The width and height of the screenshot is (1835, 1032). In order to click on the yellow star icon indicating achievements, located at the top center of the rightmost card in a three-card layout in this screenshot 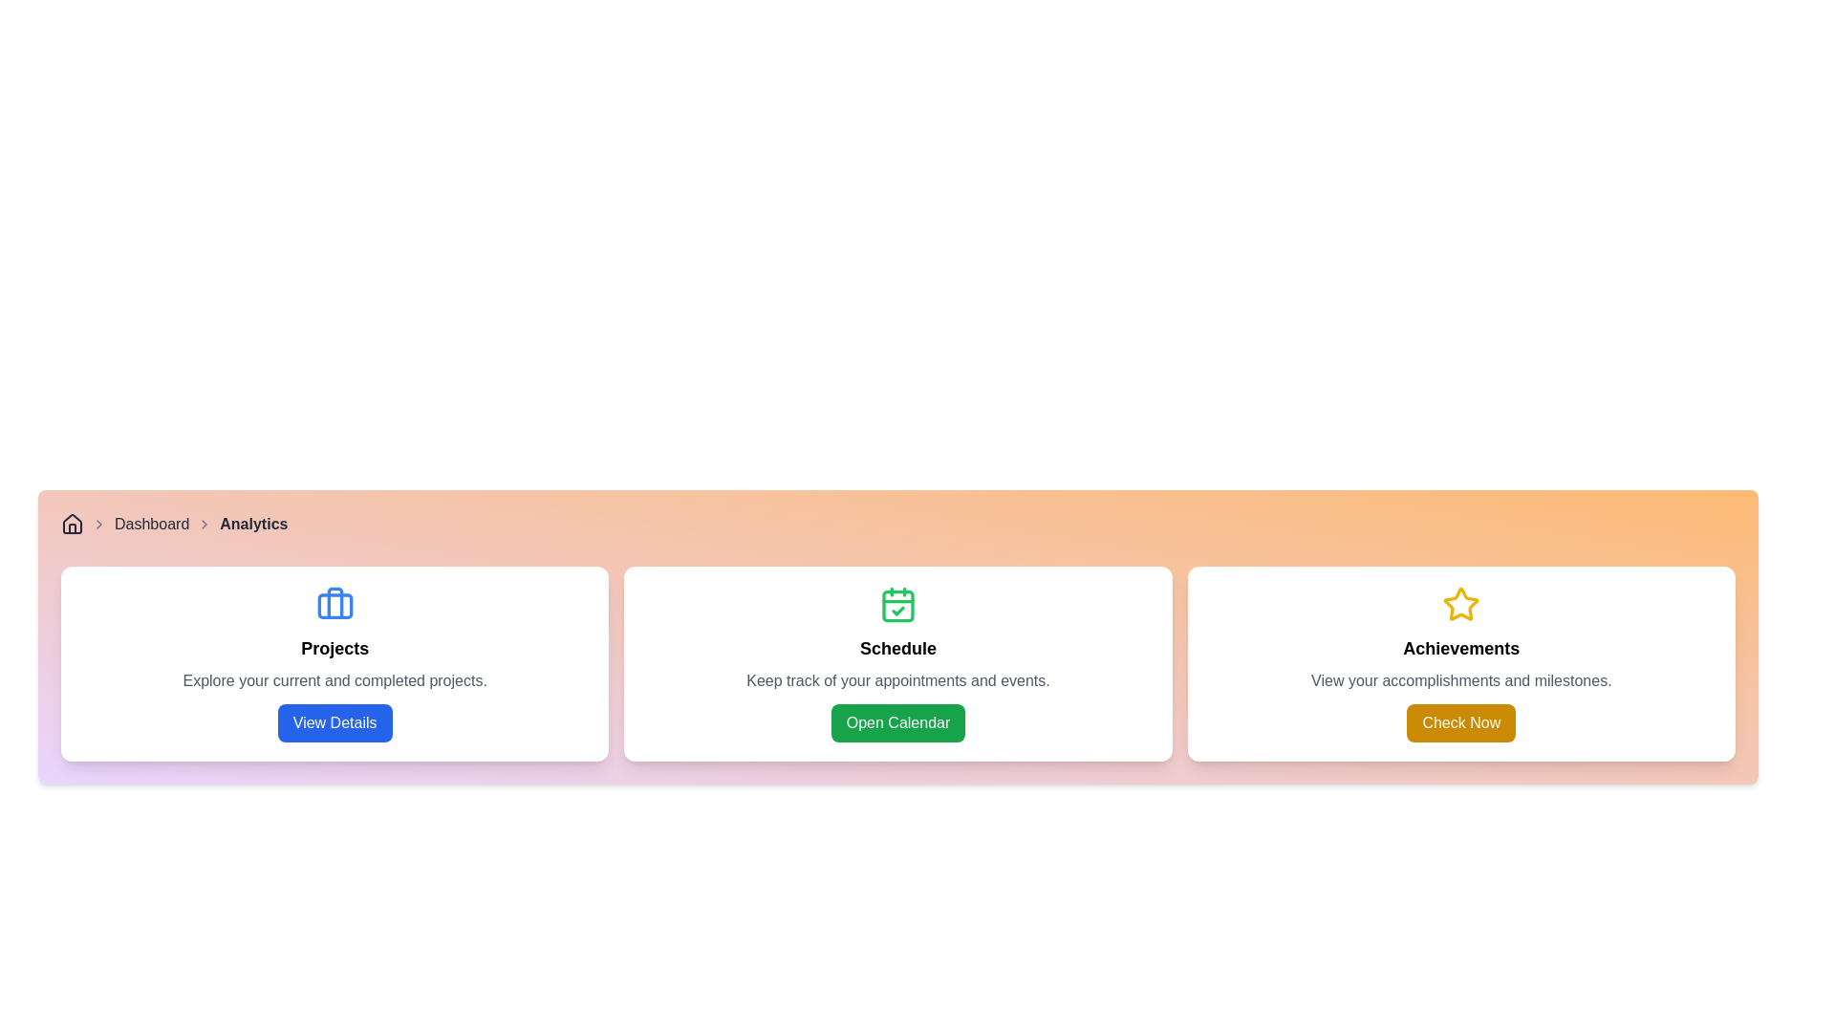, I will do `click(1460, 604)`.